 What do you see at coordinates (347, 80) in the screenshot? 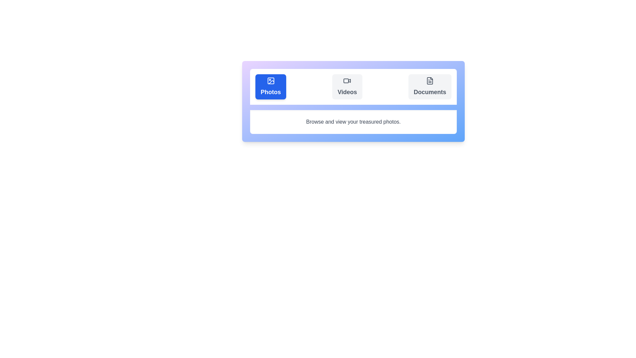
I see `the video icon, which is the second icon in the horizontal list within the 'Videos' segment` at bounding box center [347, 80].